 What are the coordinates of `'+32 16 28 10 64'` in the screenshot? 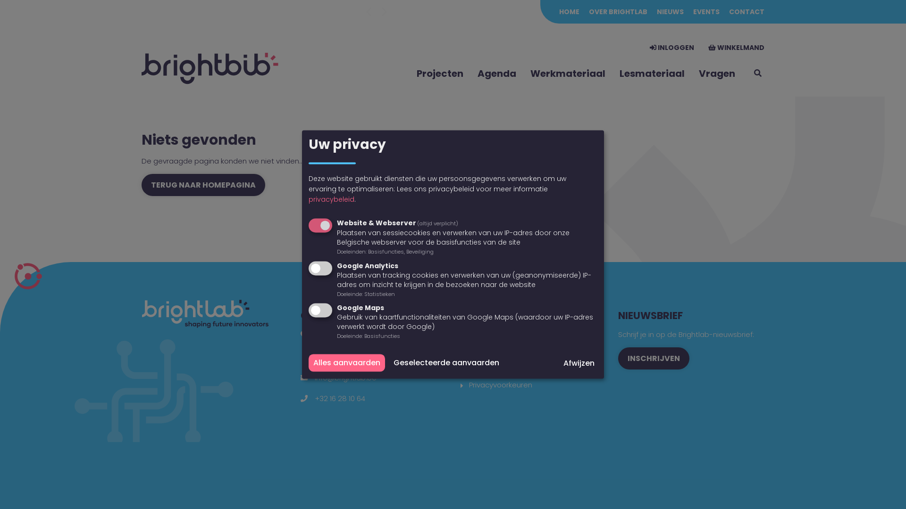 It's located at (315, 398).